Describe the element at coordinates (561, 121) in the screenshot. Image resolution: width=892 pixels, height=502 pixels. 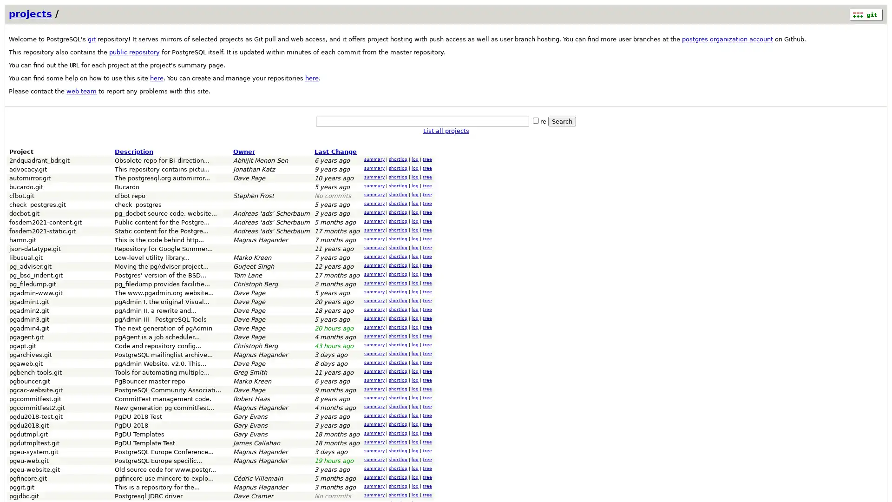
I see `Search` at that location.